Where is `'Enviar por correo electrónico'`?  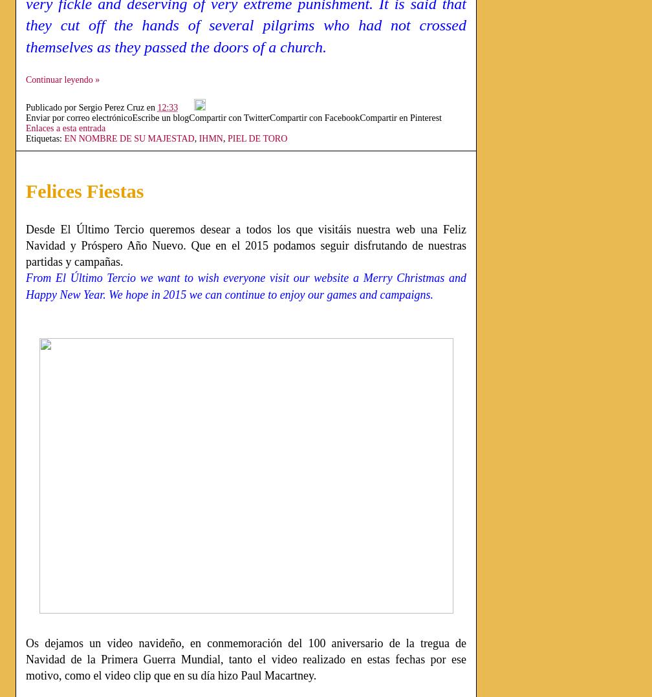
'Enviar por correo electrónico' is located at coordinates (26, 116).